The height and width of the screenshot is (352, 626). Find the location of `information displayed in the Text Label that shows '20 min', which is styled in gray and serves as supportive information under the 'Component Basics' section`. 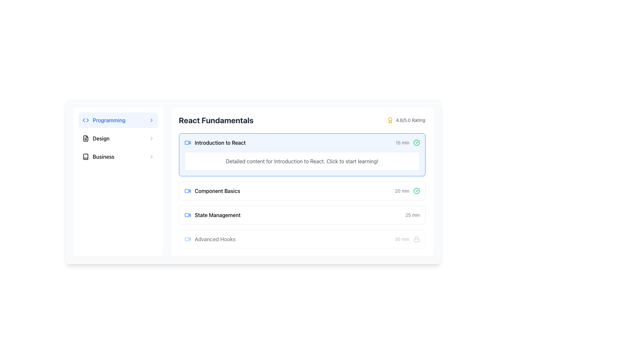

information displayed in the Text Label that shows '20 min', which is styled in gray and serves as supportive information under the 'Component Basics' section is located at coordinates (402, 191).